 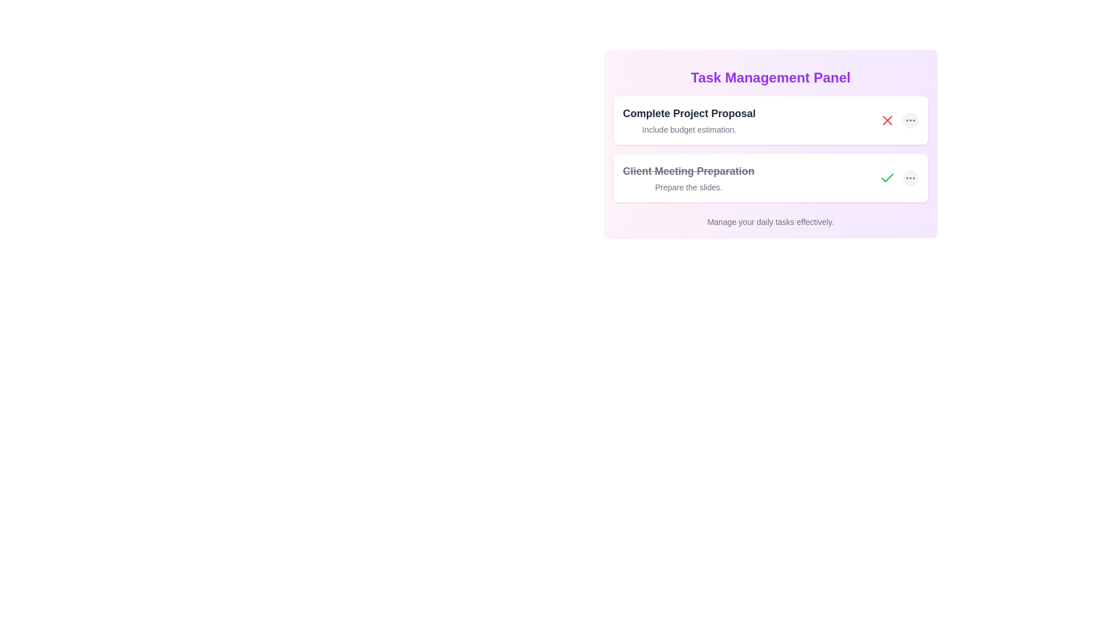 I want to click on the completed task item labeled 'Client Meeting Preparation' in the Task Management Panel, so click(x=770, y=190).